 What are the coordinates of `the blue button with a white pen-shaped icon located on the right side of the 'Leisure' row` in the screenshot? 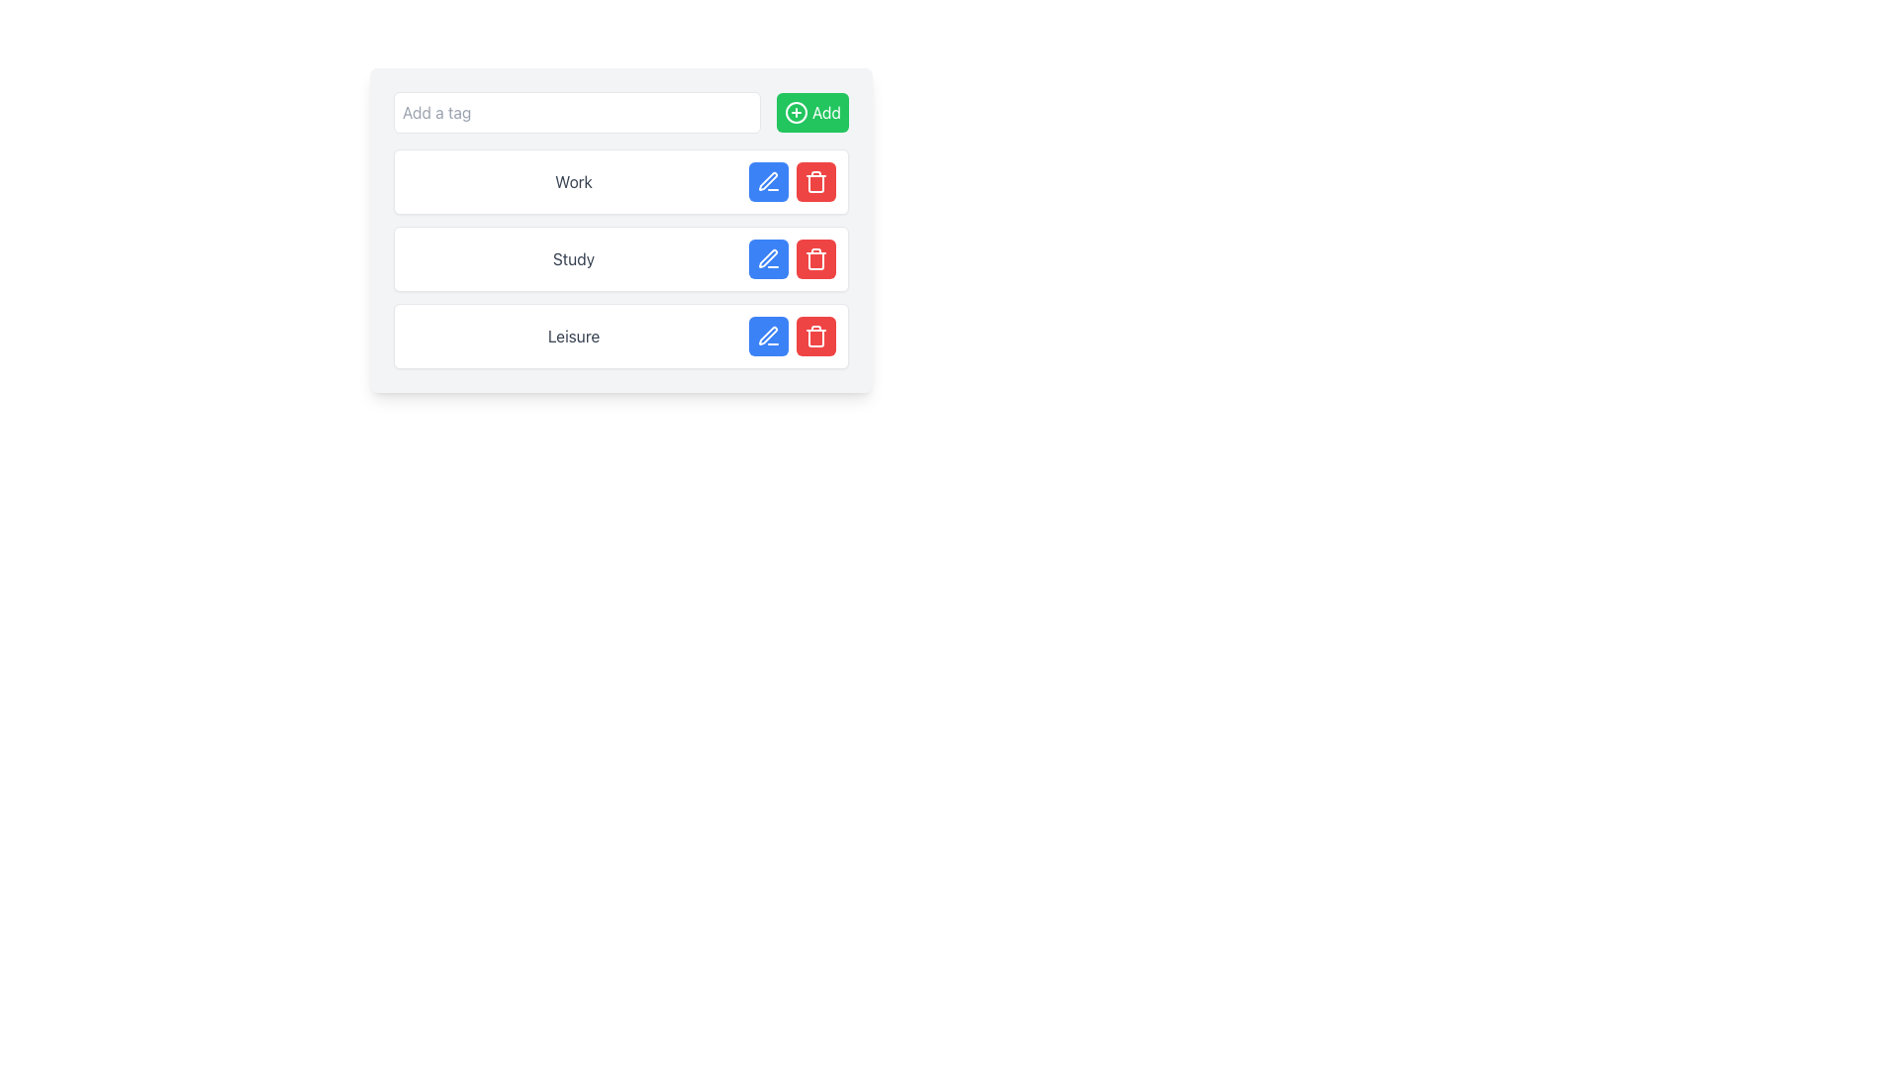 It's located at (768, 335).